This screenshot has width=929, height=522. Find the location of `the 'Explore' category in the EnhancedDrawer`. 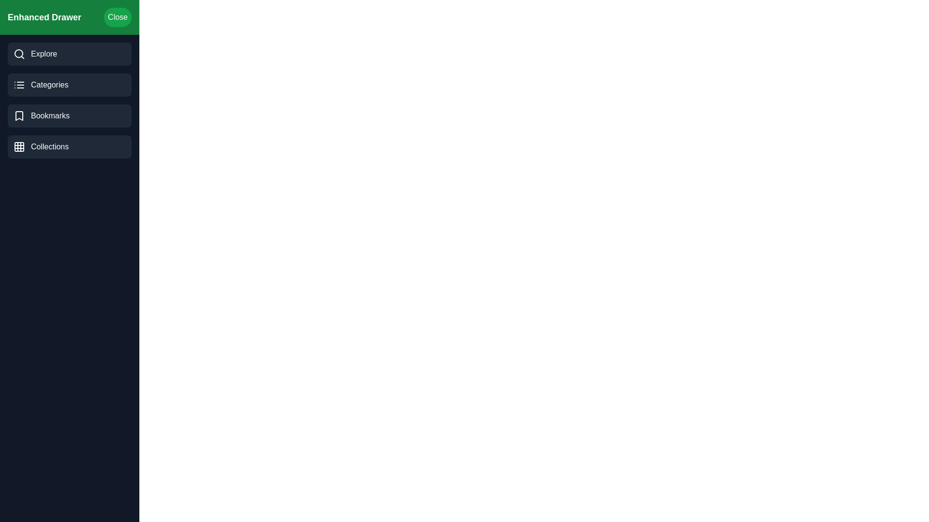

the 'Explore' category in the EnhancedDrawer is located at coordinates (69, 54).